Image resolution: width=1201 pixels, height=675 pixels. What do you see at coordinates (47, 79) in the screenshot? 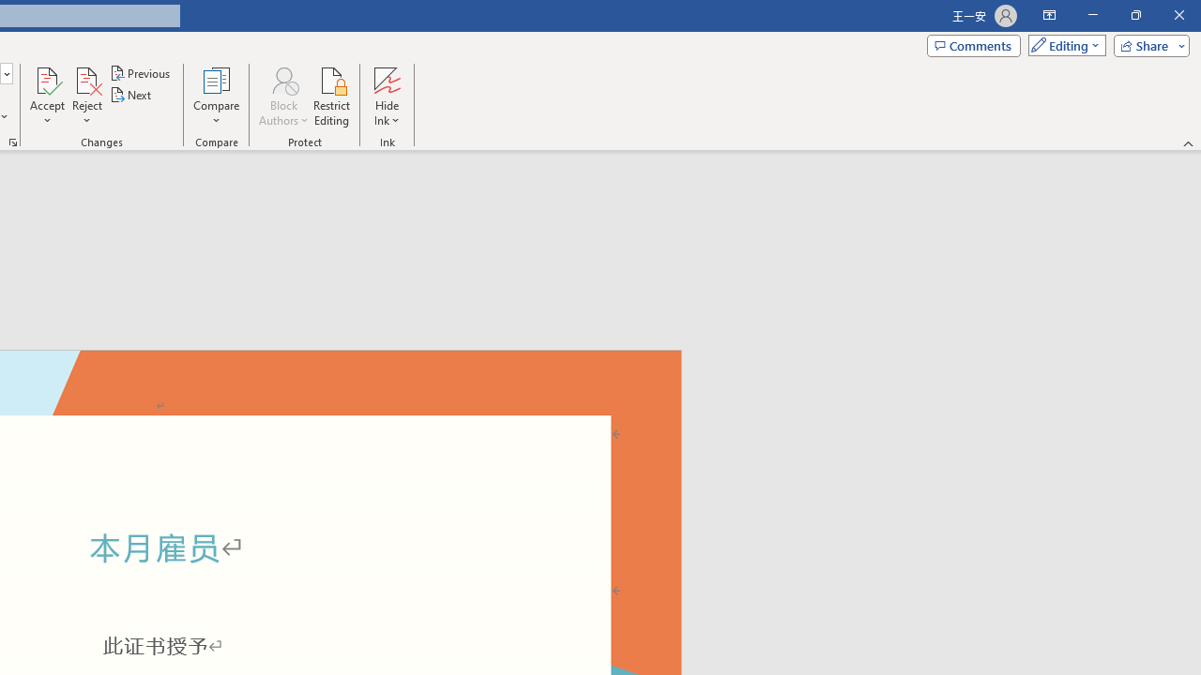
I see `'Accept and Move to Next'` at bounding box center [47, 79].